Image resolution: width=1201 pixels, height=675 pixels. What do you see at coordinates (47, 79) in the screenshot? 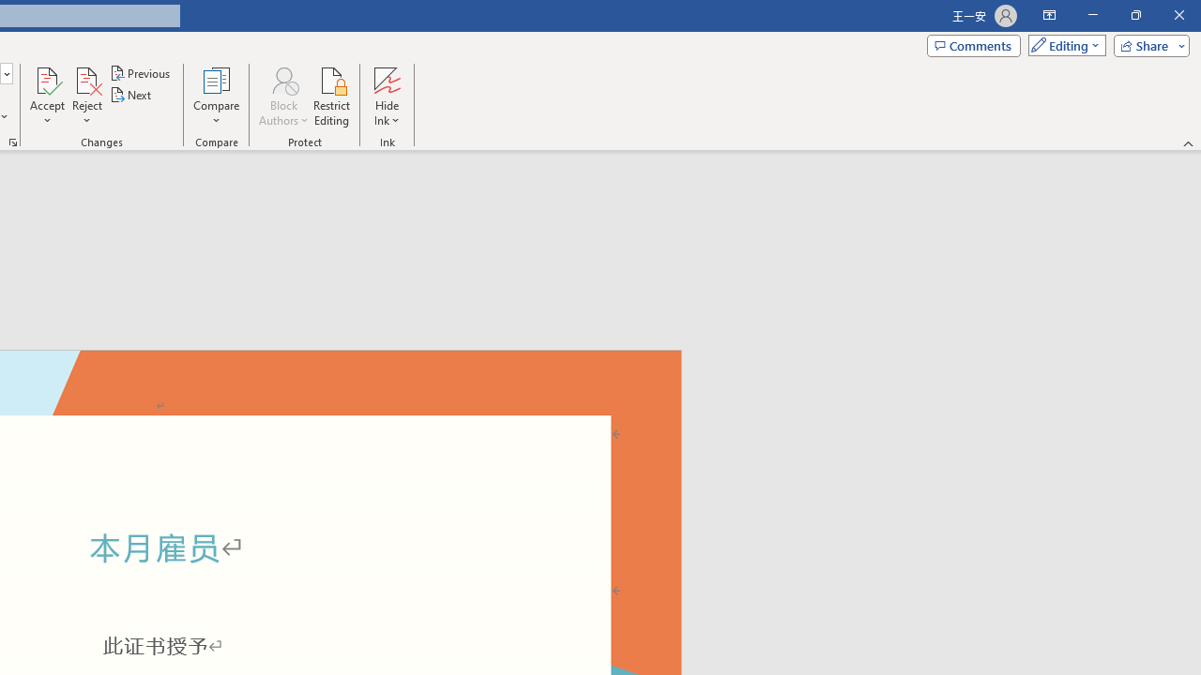
I see `'Accept and Move to Next'` at bounding box center [47, 79].